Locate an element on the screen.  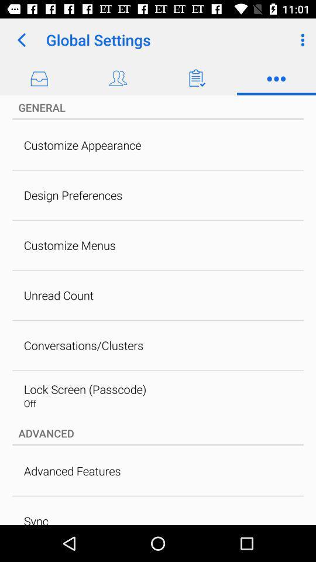
item below design preferences item is located at coordinates (70, 245).